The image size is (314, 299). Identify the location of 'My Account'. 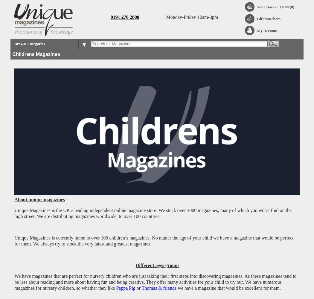
(267, 30).